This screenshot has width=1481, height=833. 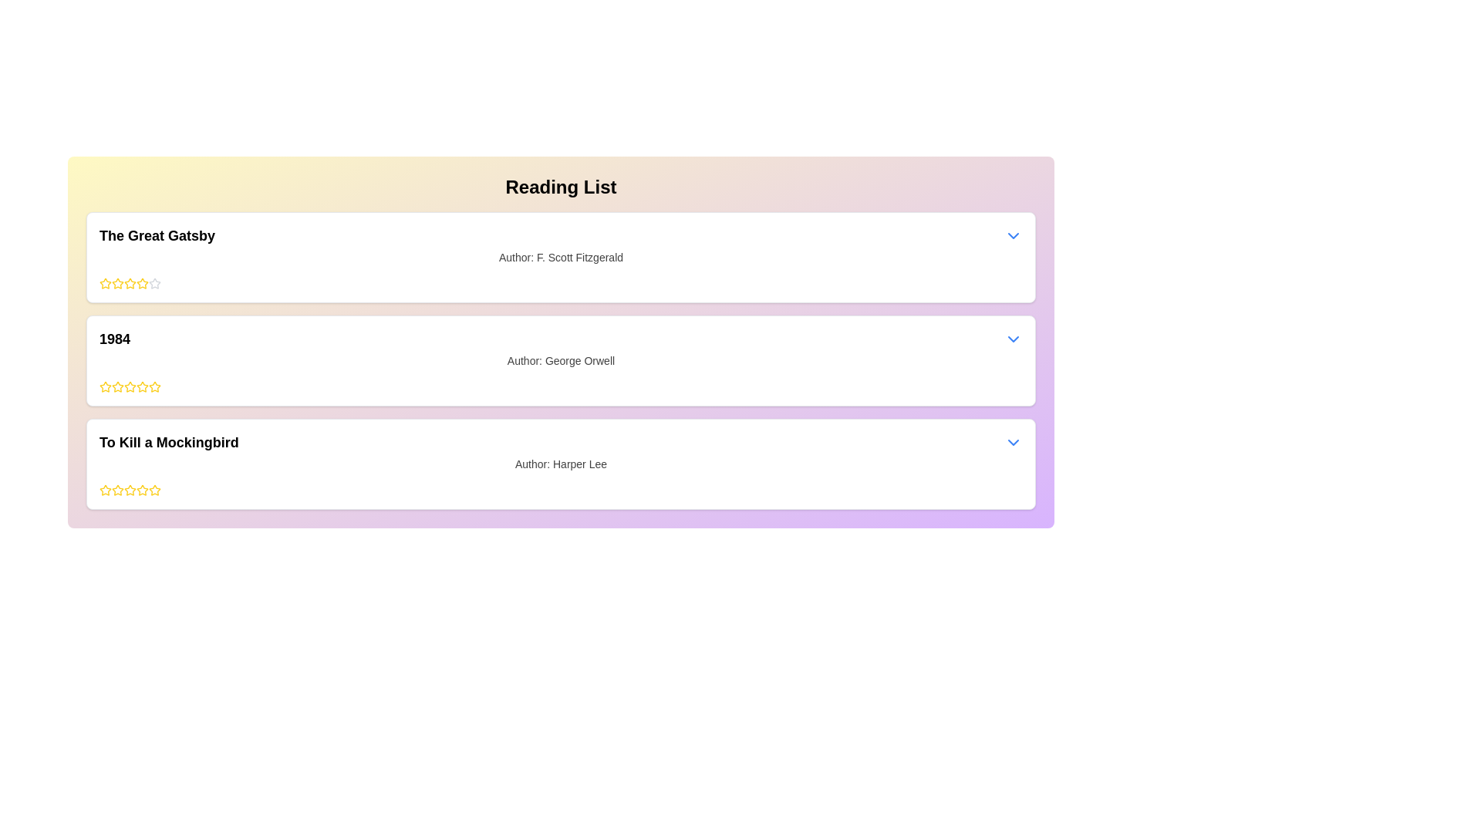 What do you see at coordinates (143, 283) in the screenshot?
I see `the second star in the rating system under 'The Great Gatsby'` at bounding box center [143, 283].